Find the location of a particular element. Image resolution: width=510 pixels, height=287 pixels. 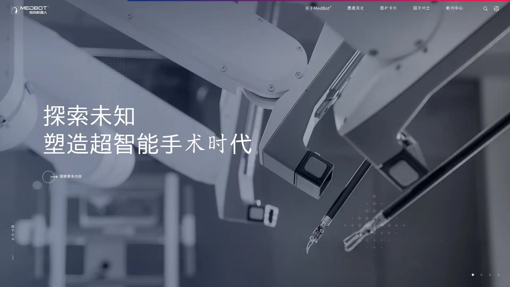

Go to slide 3 is located at coordinates (489, 275).